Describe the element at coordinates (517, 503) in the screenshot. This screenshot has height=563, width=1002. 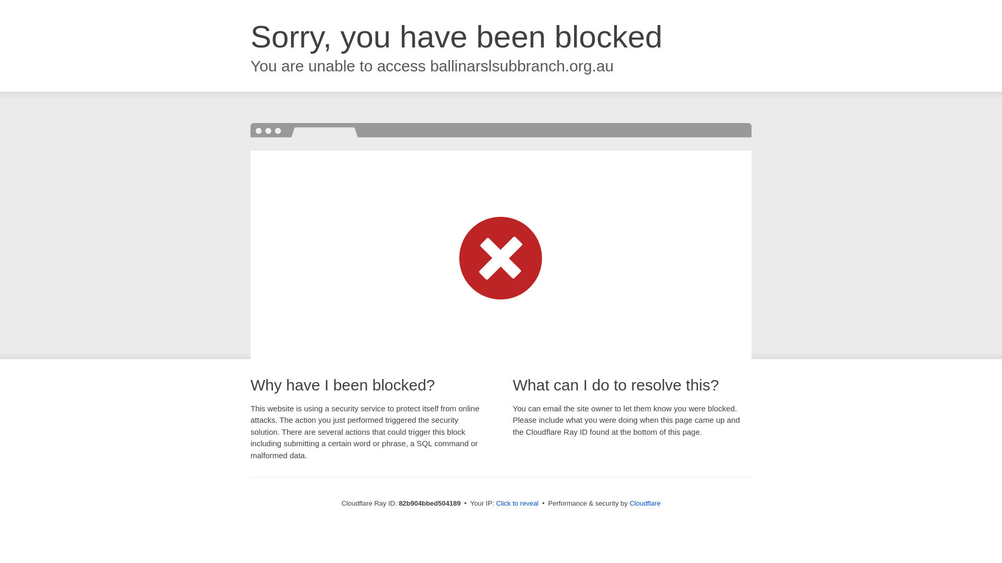
I see `'Click to reveal'` at that location.